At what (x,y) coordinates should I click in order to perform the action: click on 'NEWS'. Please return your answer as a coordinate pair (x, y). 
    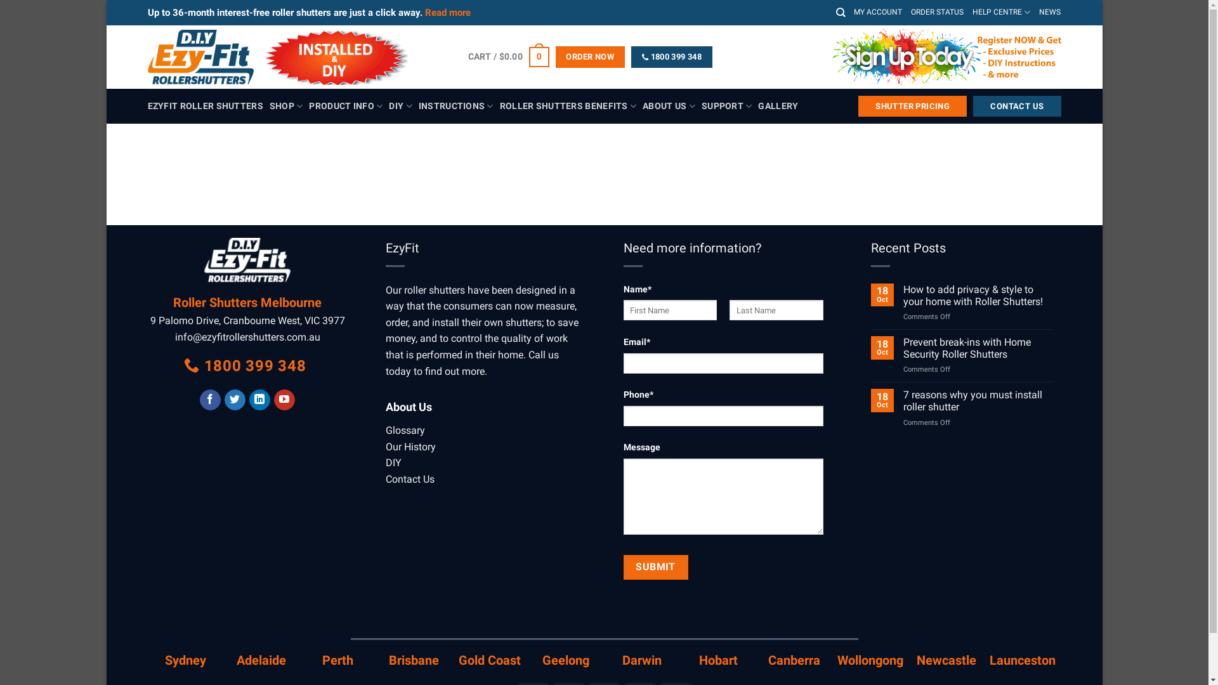
    Looking at the image, I should click on (1050, 12).